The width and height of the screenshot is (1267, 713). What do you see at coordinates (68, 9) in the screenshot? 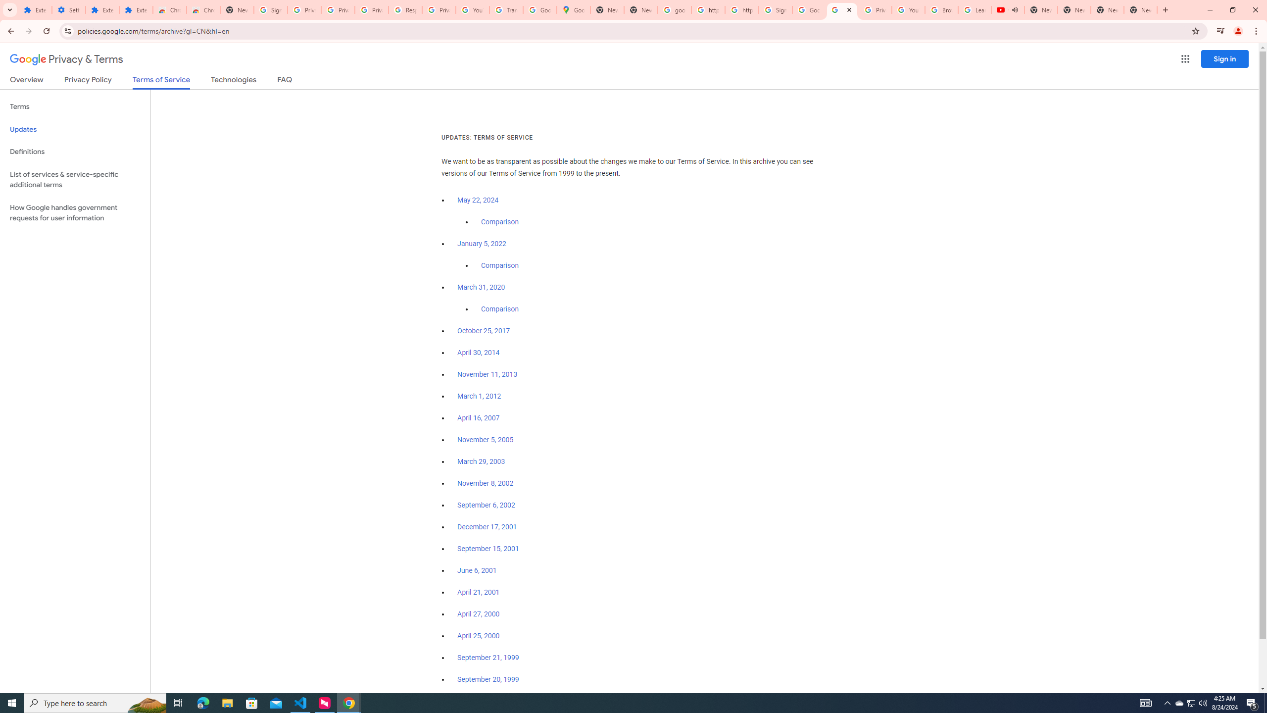
I see `'Settings'` at bounding box center [68, 9].